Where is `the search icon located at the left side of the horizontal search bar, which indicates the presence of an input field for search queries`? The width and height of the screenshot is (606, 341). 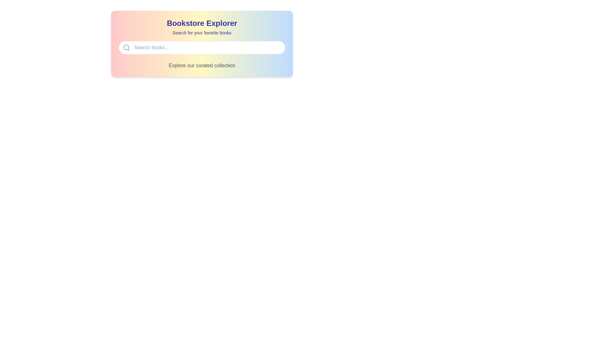 the search icon located at the left side of the horizontal search bar, which indicates the presence of an input field for search queries is located at coordinates (126, 47).